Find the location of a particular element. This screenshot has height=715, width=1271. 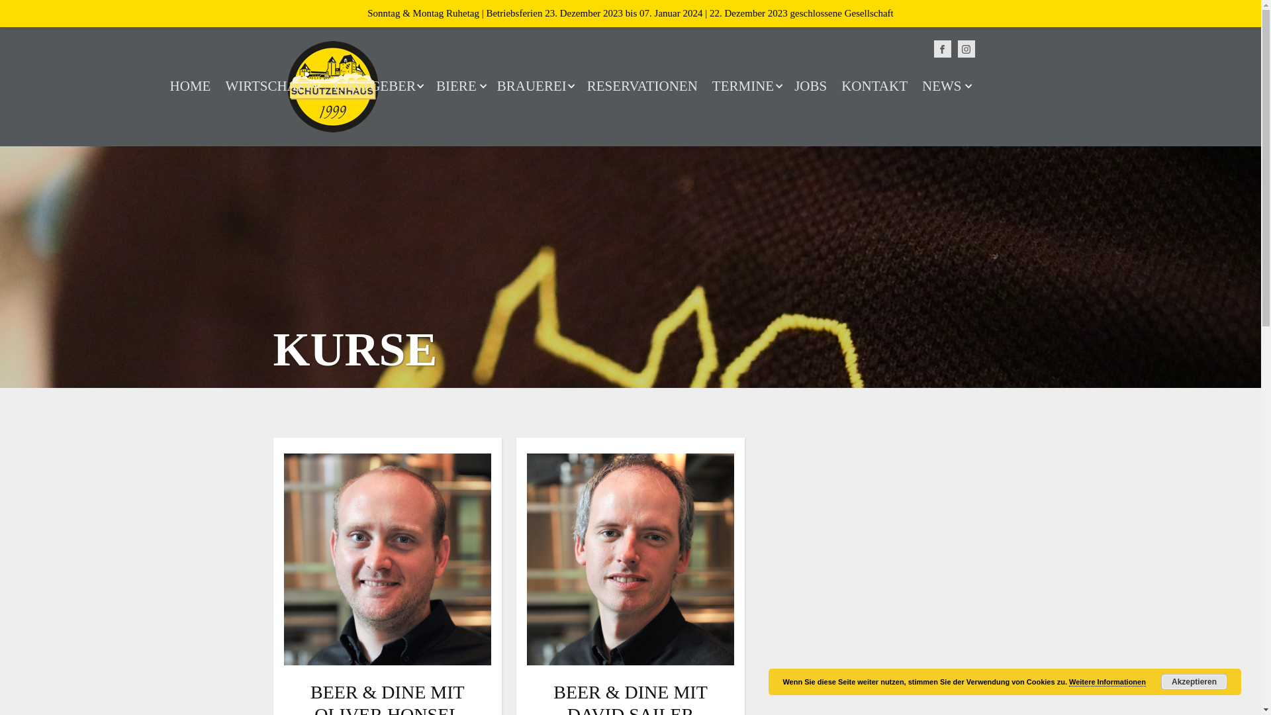

'BIERE' is located at coordinates (429, 87).